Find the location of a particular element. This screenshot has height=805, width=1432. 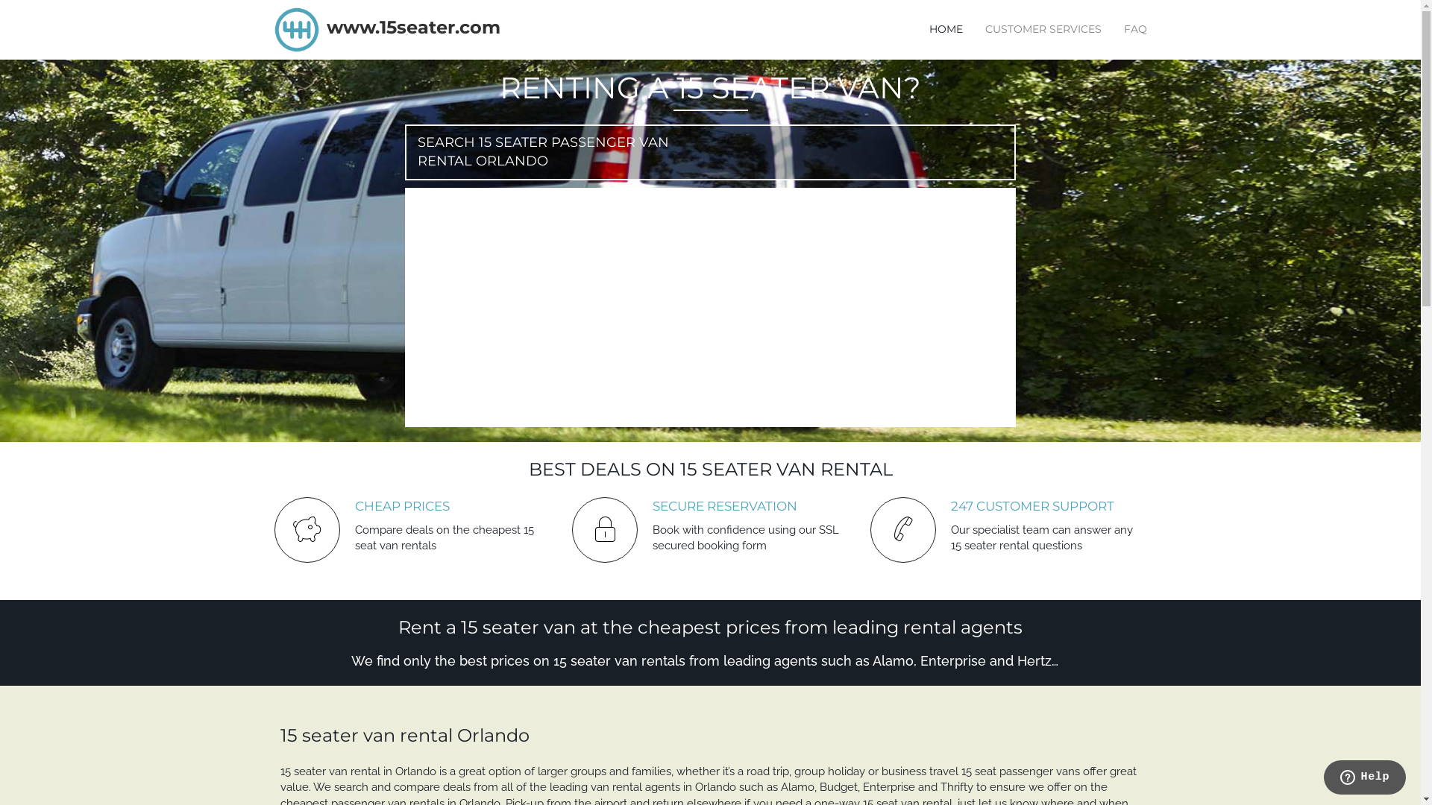

'HOME' is located at coordinates (945, 28).